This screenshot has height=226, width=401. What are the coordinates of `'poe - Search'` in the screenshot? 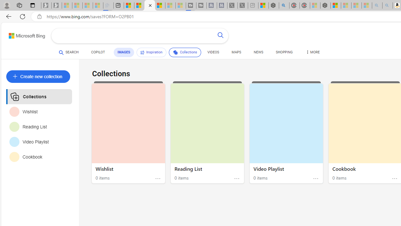 It's located at (284, 5).